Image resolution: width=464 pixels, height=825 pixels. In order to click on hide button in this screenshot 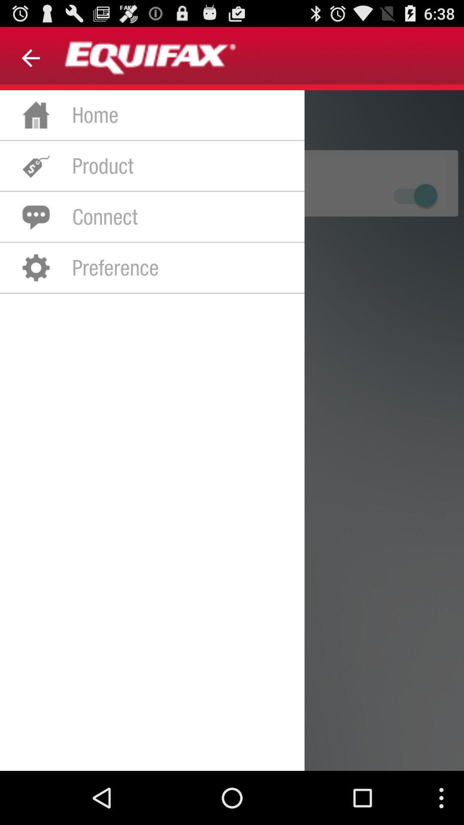, I will do `click(414, 195)`.